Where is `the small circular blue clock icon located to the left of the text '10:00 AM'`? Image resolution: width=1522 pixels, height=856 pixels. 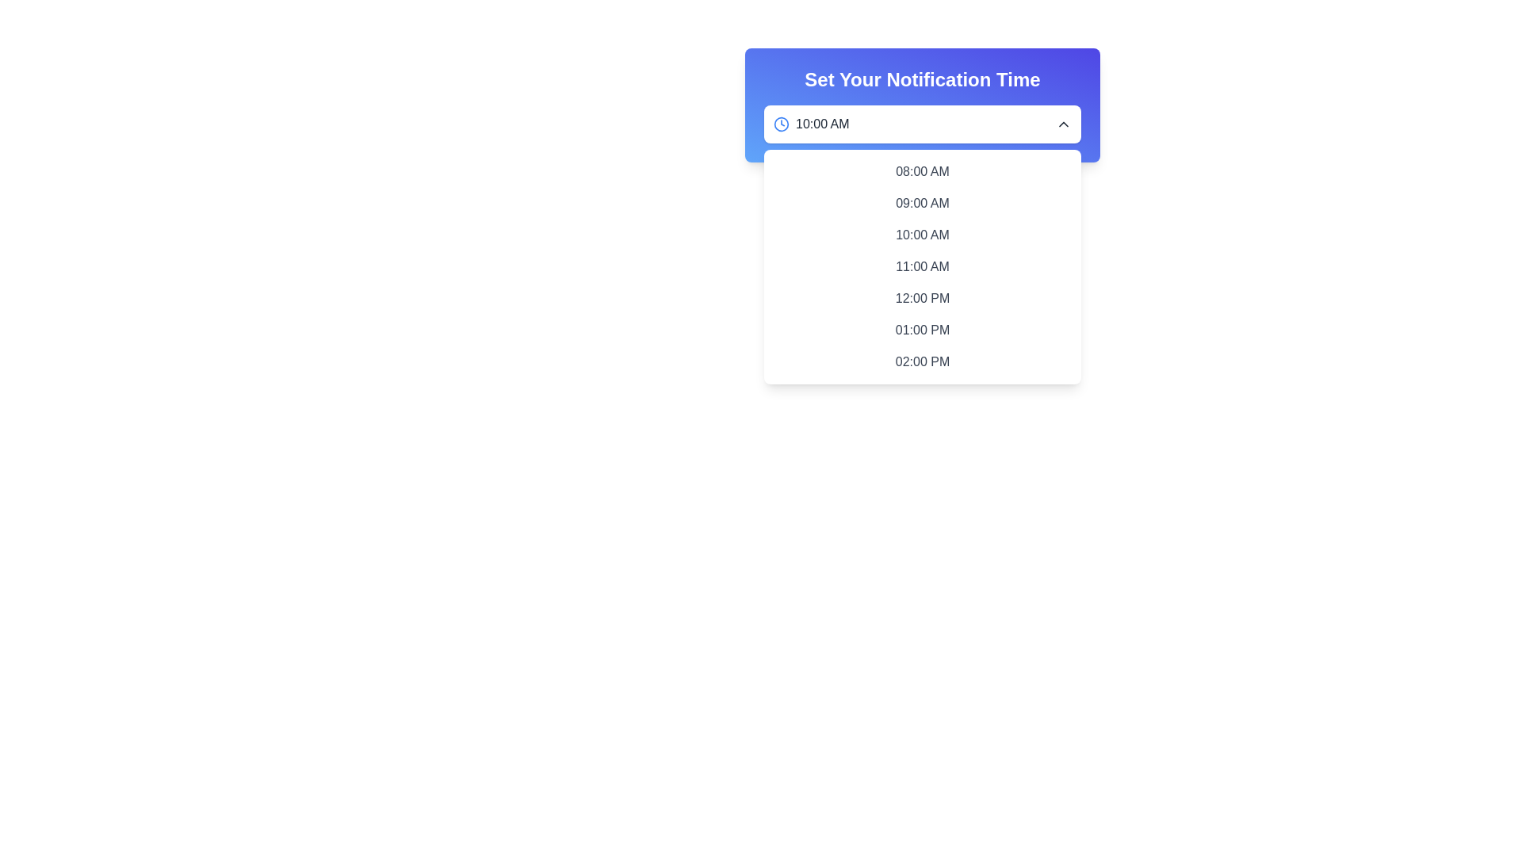
the small circular blue clock icon located to the left of the text '10:00 AM' is located at coordinates (781, 124).